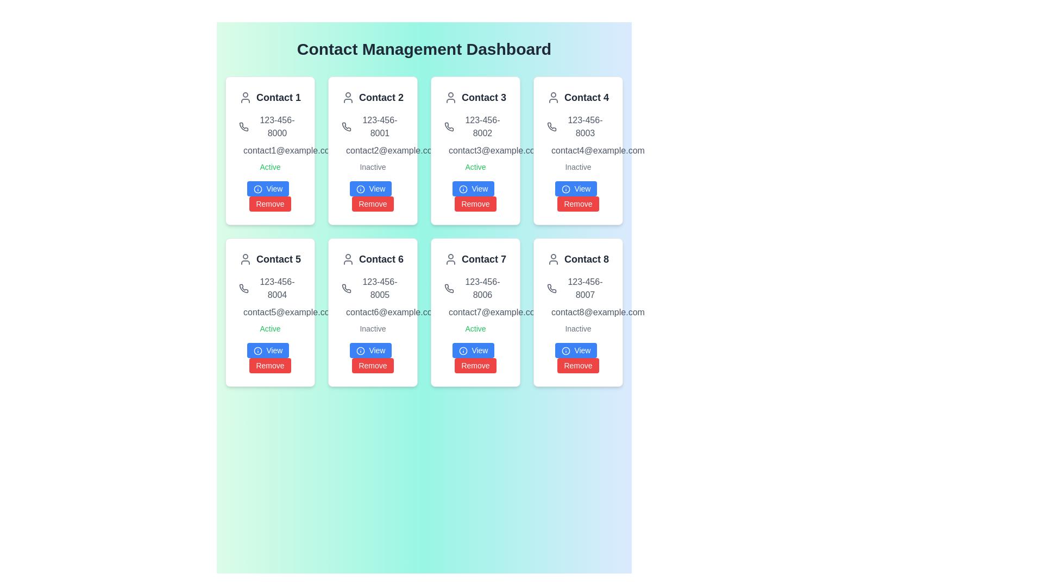 This screenshot has width=1043, height=586. Describe the element at coordinates (483, 259) in the screenshot. I see `the text label for 'Contact 7', which serves as the identifier for the contact card located in the bottom row and second column of the grid layout` at that location.